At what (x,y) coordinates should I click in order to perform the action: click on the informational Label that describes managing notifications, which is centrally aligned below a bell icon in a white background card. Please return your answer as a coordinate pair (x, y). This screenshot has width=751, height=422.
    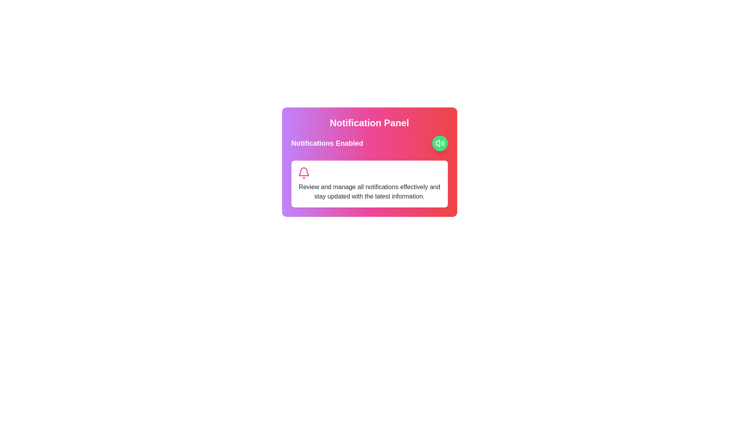
    Looking at the image, I should click on (369, 191).